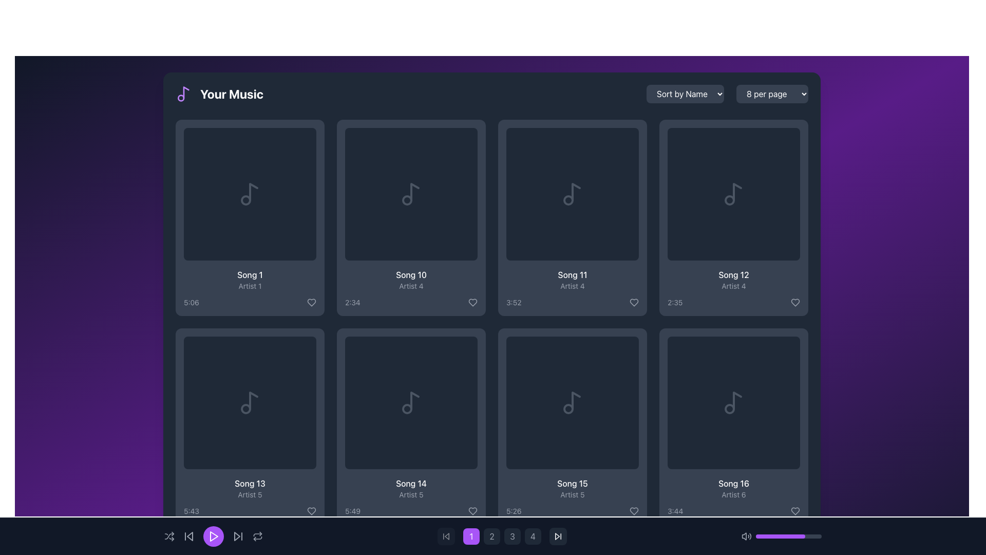 The image size is (986, 555). Describe the element at coordinates (250, 402) in the screenshot. I see `the circular button with a purple background and a white play button icon, located centrally within the 'Song 13' card by 'Artist 5'` at that location.